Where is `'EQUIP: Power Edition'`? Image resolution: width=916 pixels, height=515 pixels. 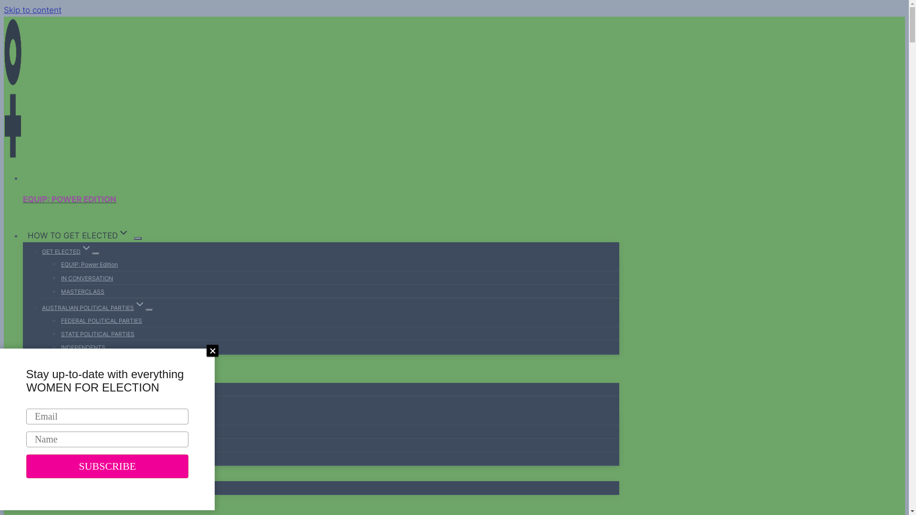 'EQUIP: Power Edition' is located at coordinates (89, 264).